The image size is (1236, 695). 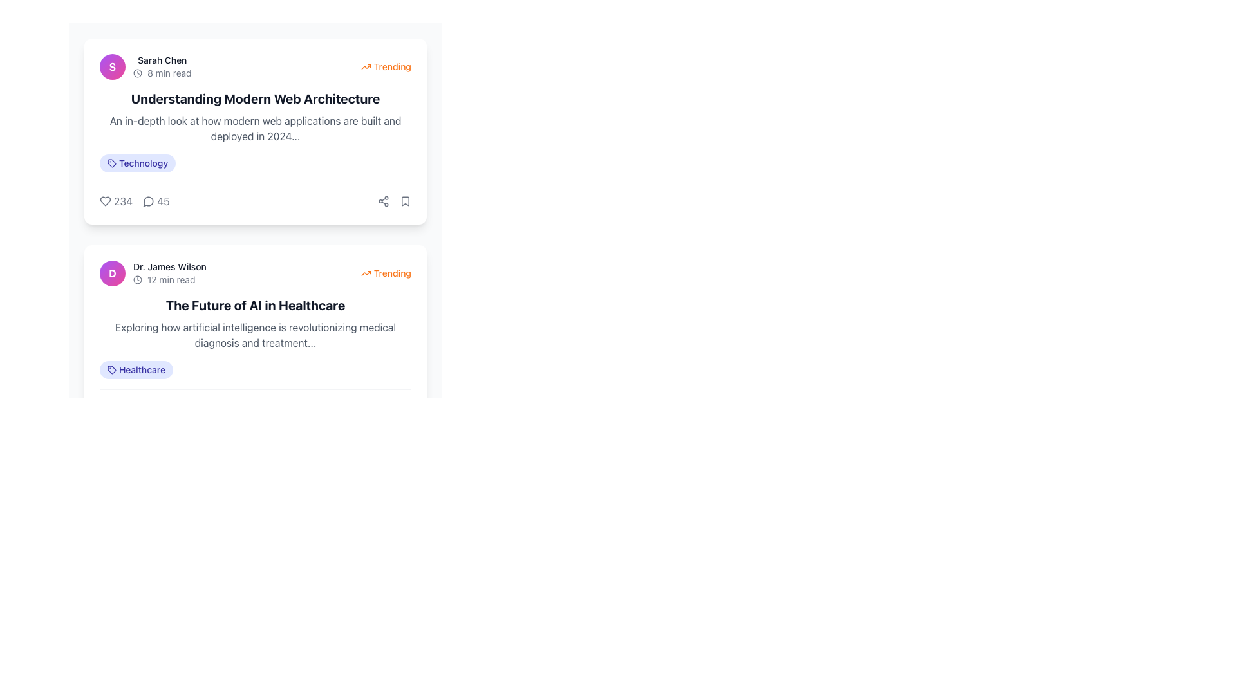 What do you see at coordinates (138, 279) in the screenshot?
I see `reading time icon located to the left of the '12 min read' label on the card for the article 'The Future of AI in Healthcare' by 'Dr. James Wilson' for its semantic or accessibility attributes` at bounding box center [138, 279].